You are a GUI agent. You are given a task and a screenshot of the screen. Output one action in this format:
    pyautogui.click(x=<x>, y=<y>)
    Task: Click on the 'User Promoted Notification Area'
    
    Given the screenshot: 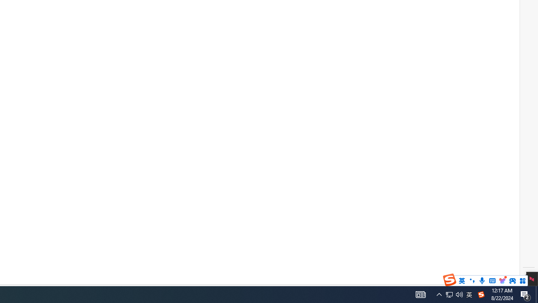 What is the action you would take?
    pyautogui.click(x=454, y=294)
    